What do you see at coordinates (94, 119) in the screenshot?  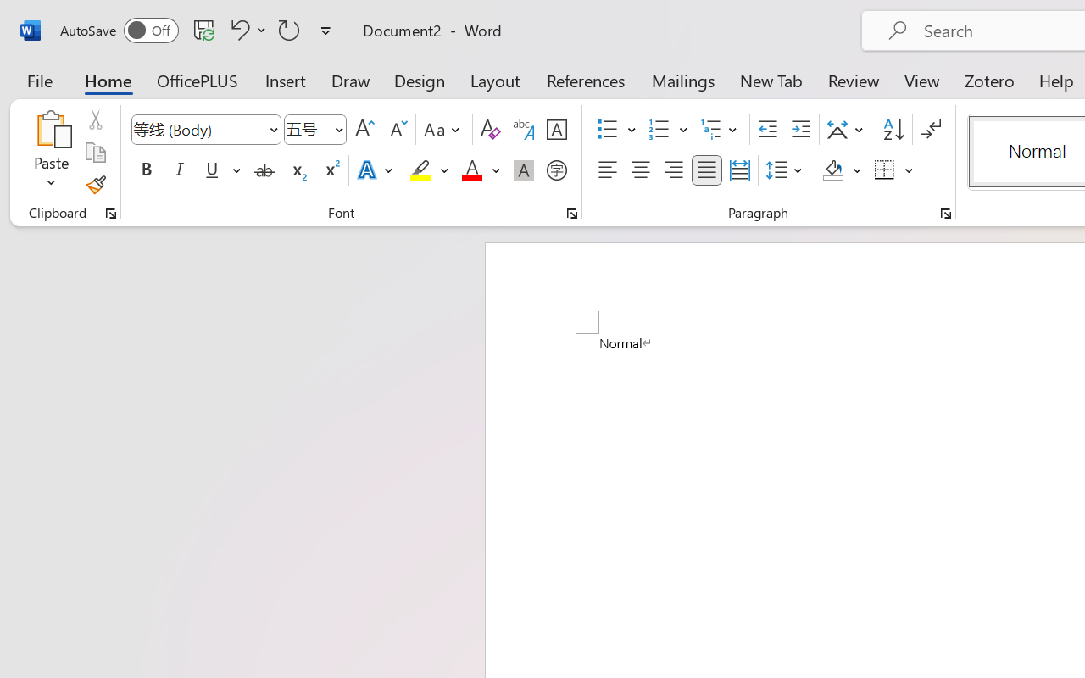 I see `'Cut'` at bounding box center [94, 119].